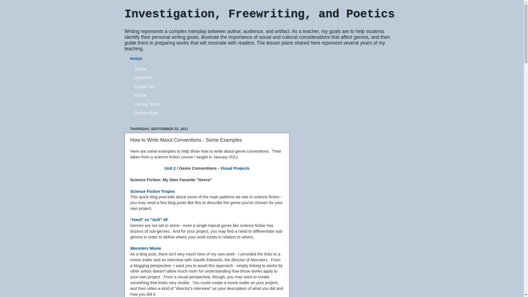 The width and height of the screenshot is (528, 297). What do you see at coordinates (124, 14) in the screenshot?
I see `'Investigation, Freewriting, and Poetics'` at bounding box center [124, 14].